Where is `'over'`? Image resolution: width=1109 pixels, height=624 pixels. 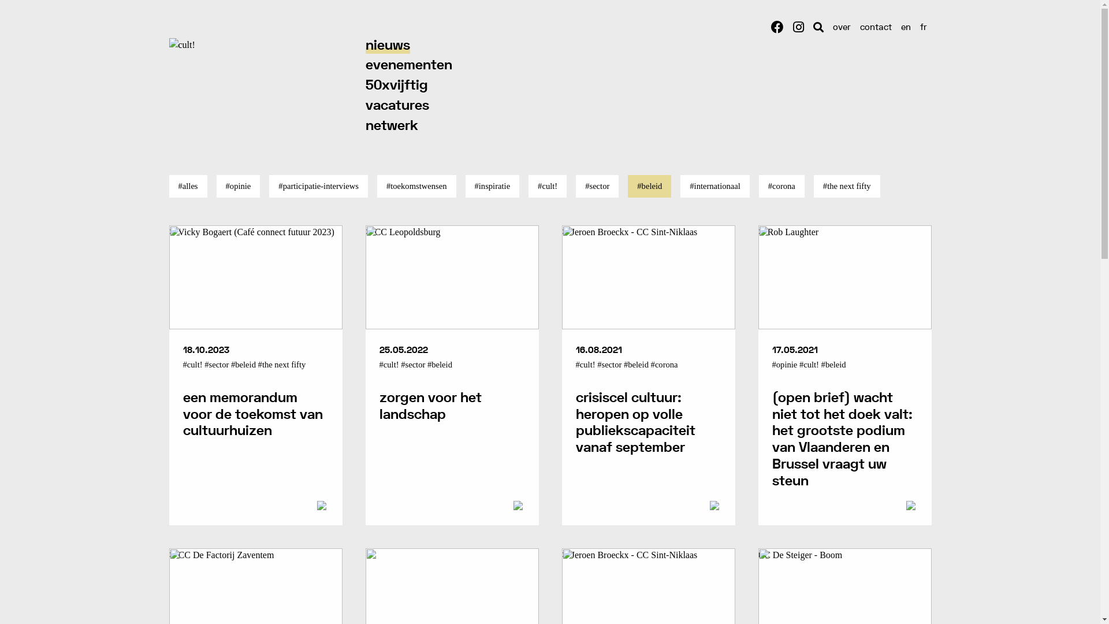 'over' is located at coordinates (842, 27).